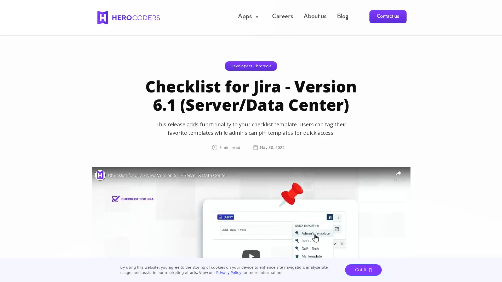  Describe the element at coordinates (363, 270) in the screenshot. I see `Got it!` at that location.